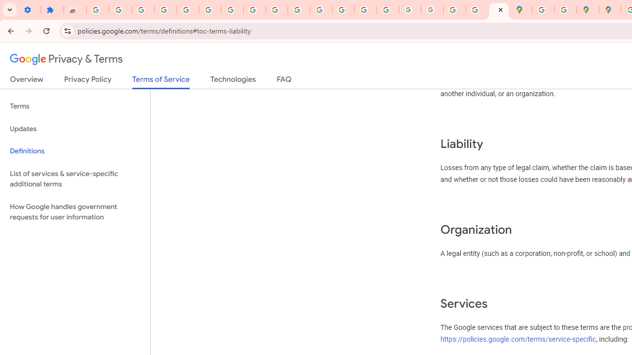 This screenshot has width=632, height=355. I want to click on 'Updates', so click(75, 128).